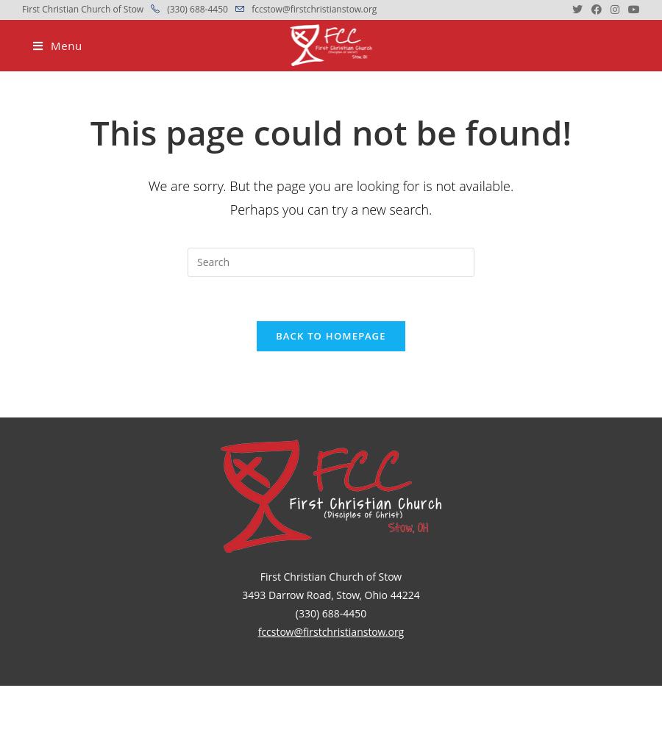 The width and height of the screenshot is (662, 735). What do you see at coordinates (147, 185) in the screenshot?
I see `'We are sorry. But the page you are looking for is not available.'` at bounding box center [147, 185].